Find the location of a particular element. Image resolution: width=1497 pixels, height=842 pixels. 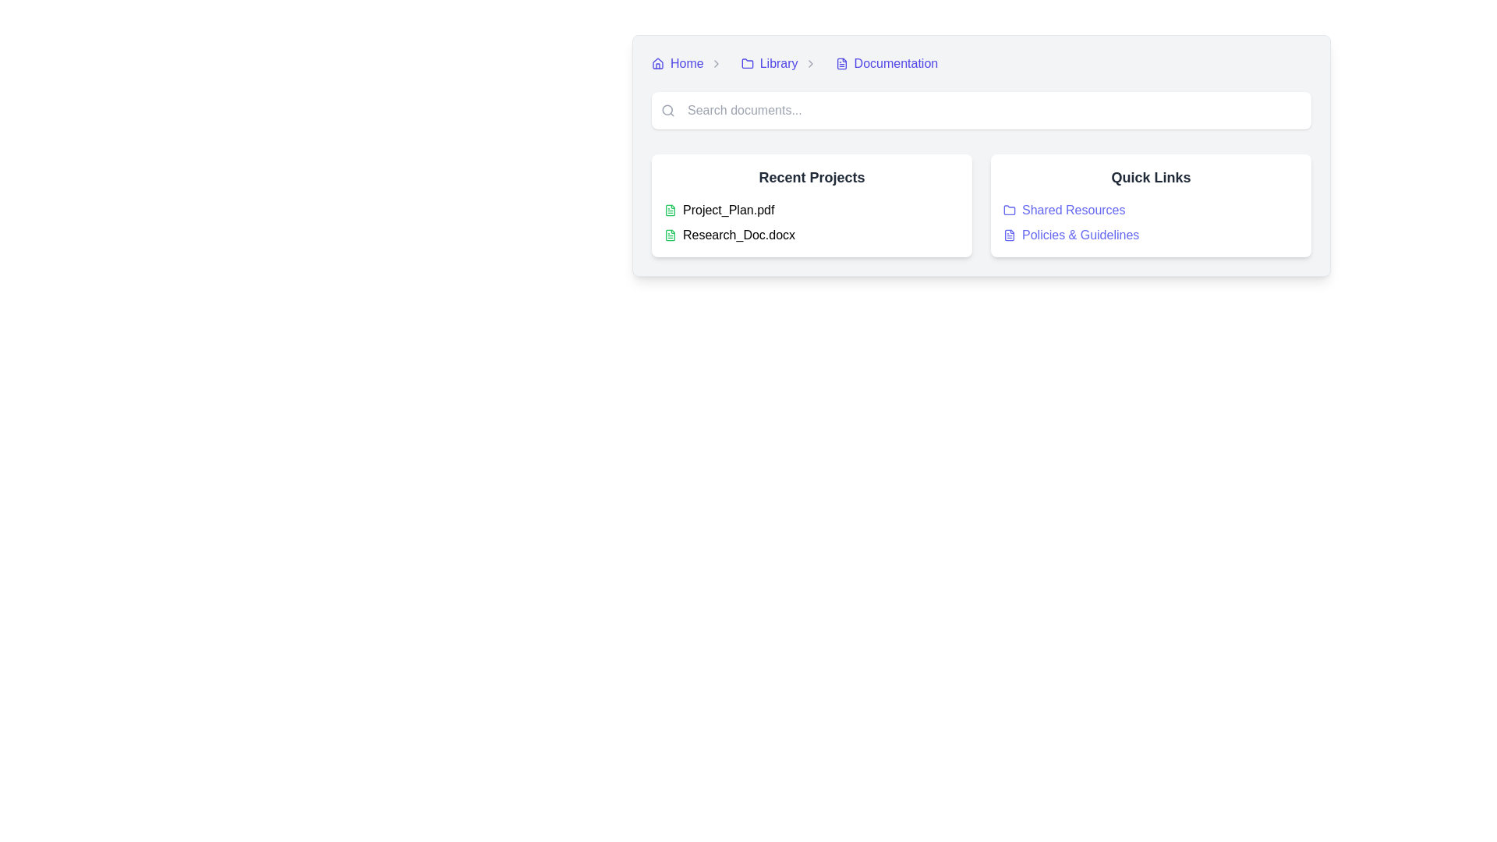

the 'Documentation' text link located in the breadcrumb navigation bar, positioned after 'Home' and 'Library' links is located at coordinates (896, 62).